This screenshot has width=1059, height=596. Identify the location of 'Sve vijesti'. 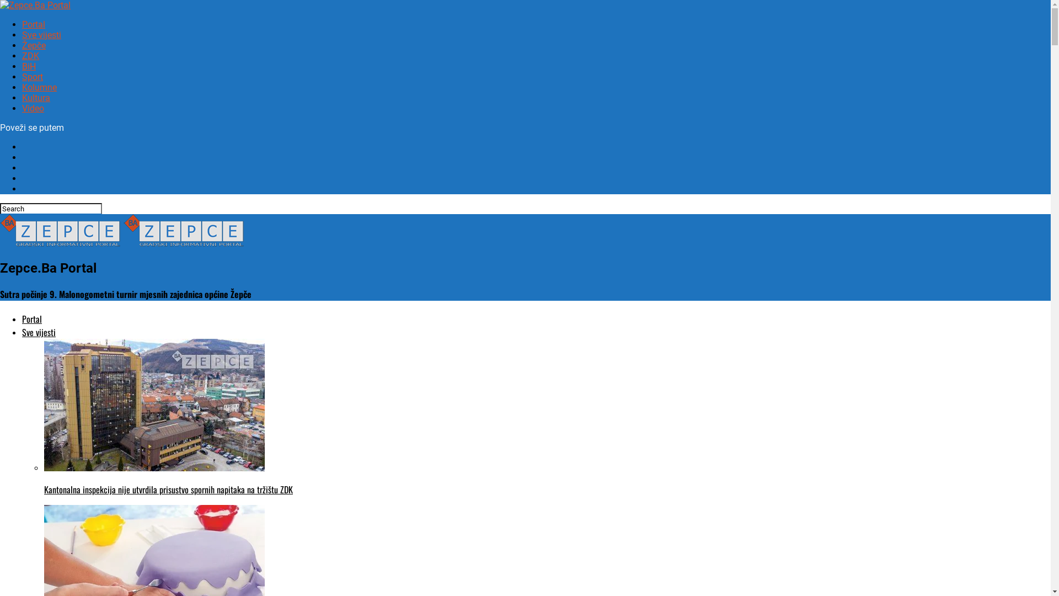
(39, 331).